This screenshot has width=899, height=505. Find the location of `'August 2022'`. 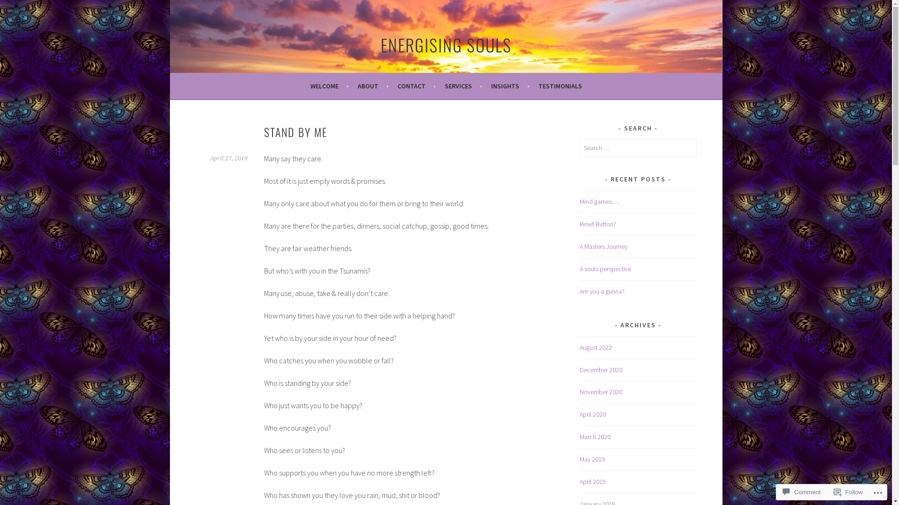

'August 2022' is located at coordinates (595, 347).